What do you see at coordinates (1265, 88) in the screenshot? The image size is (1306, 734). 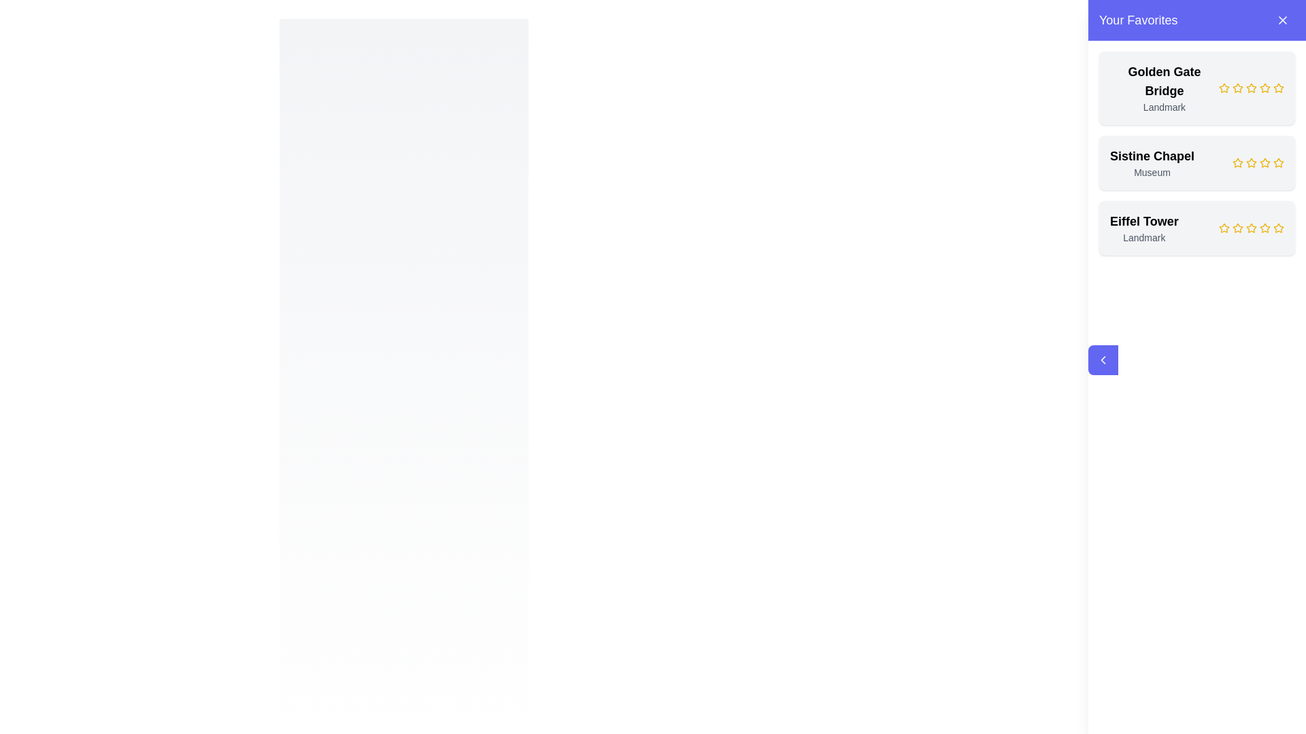 I see `the third star icon in the horizontal row for the 'Golden Gate Bridge' entry in the 'Your Favorites' section` at bounding box center [1265, 88].